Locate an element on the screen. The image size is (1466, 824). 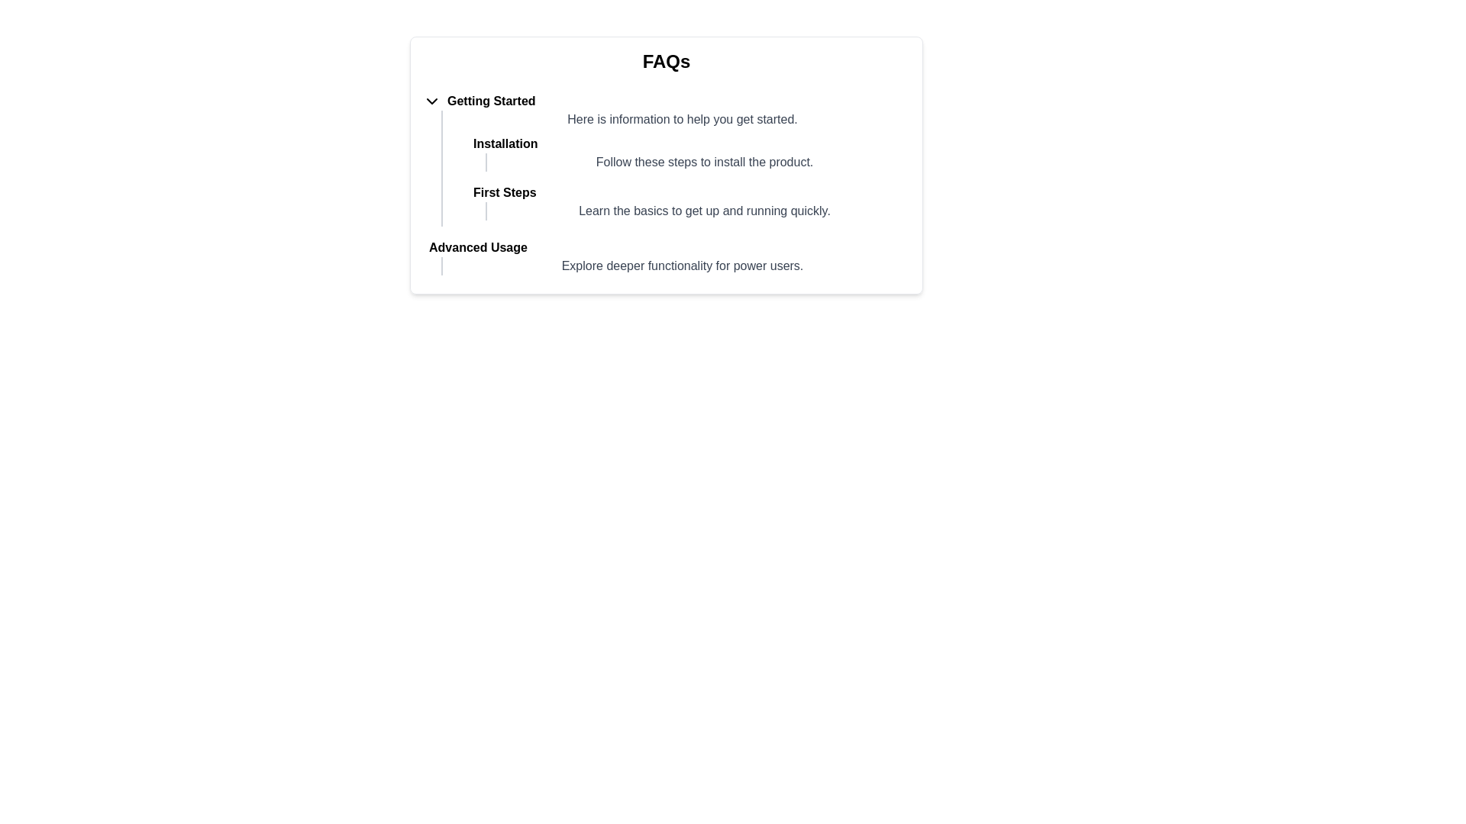
descriptive text located under the 'Advanced Usage' header, which is aligned to the left and situated towards the bottom of the FAQ interface is located at coordinates (681, 265).